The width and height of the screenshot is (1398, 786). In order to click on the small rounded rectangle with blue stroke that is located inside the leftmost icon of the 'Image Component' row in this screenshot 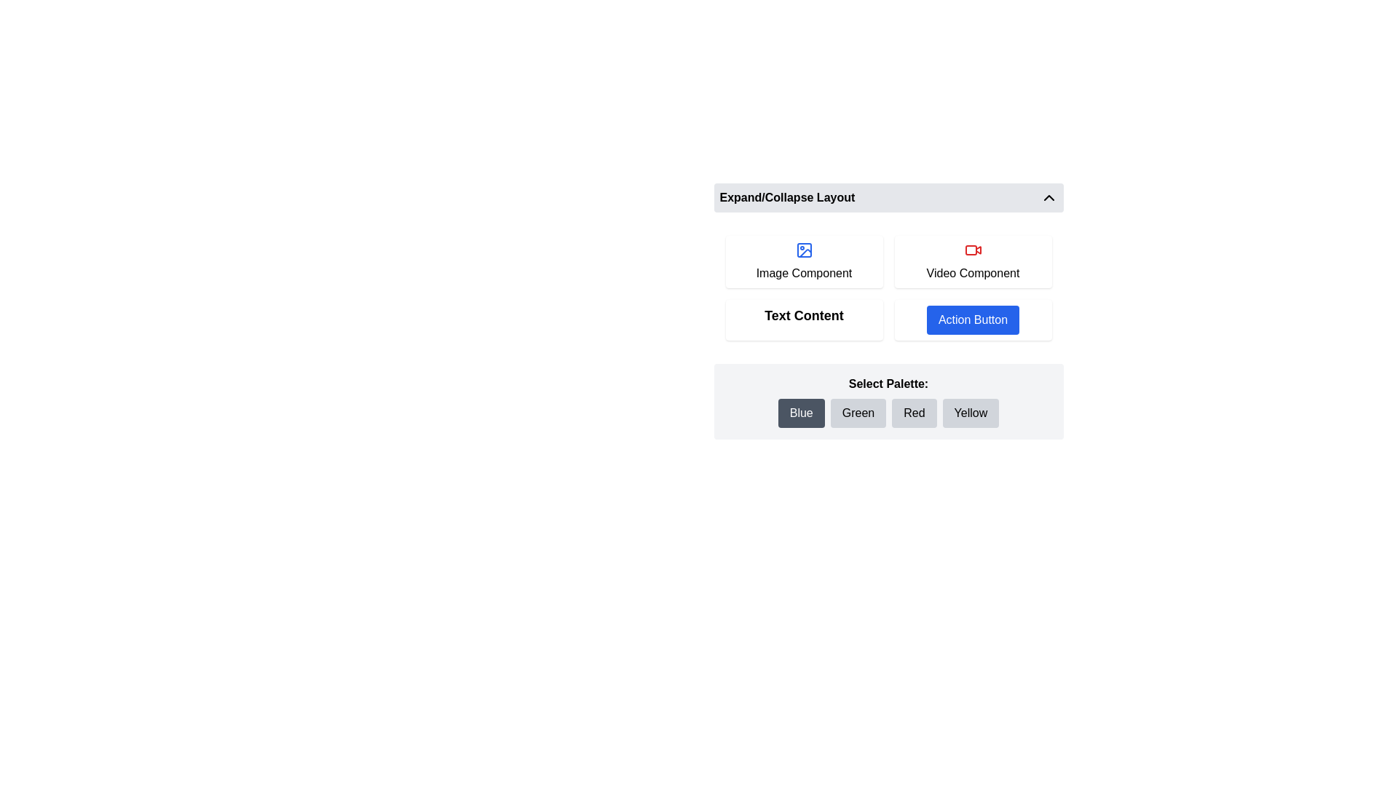, I will do `click(803, 249)`.